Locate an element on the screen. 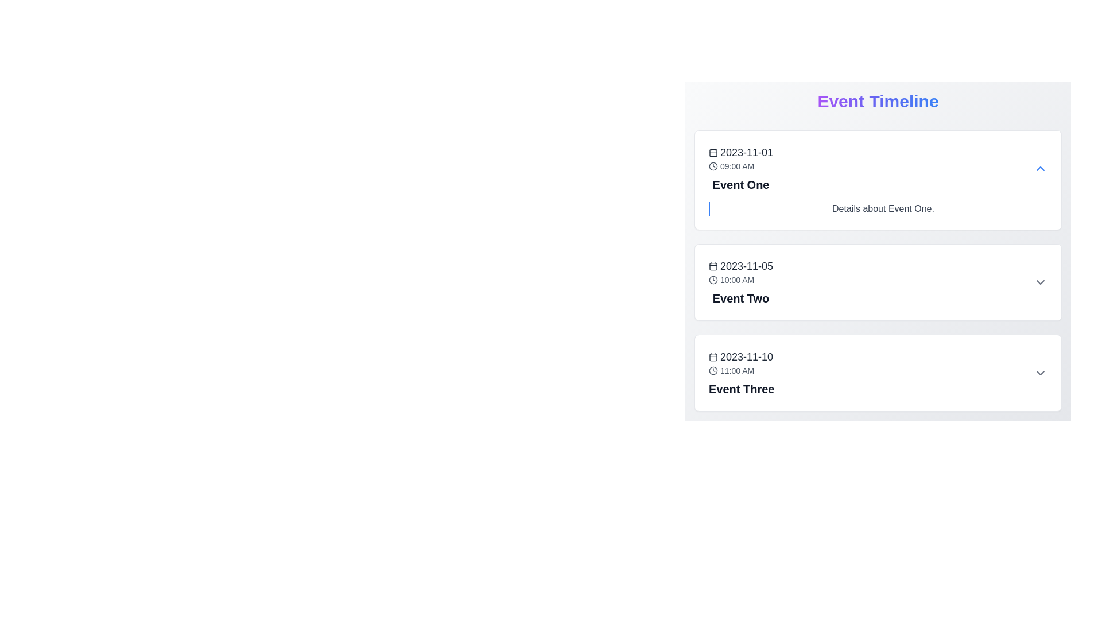  the informational block displaying event details including the date '2023-11-05', time '10:00 AM', and title 'Event Two', which is positioned in the middle of the 'Event Timeline' interface is located at coordinates (741, 282).